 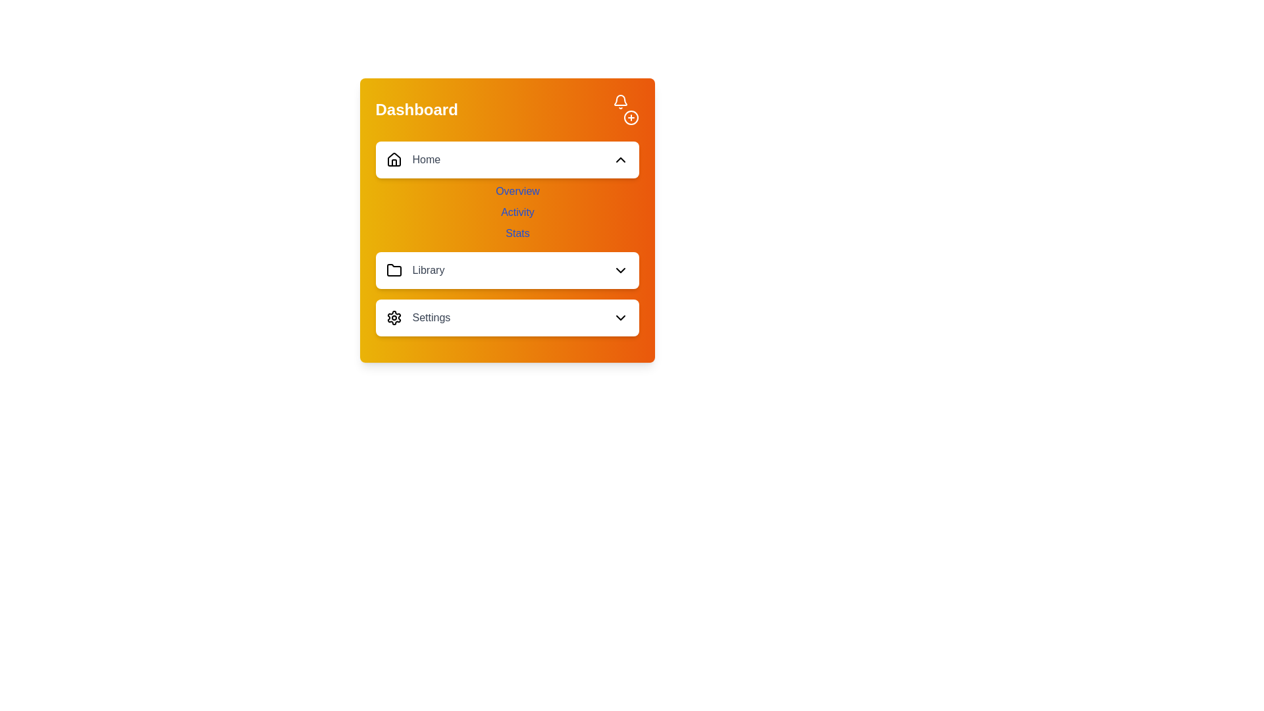 I want to click on the downward-pointing chevron icon indicating the dropdown menu in the Library section, so click(x=619, y=270).